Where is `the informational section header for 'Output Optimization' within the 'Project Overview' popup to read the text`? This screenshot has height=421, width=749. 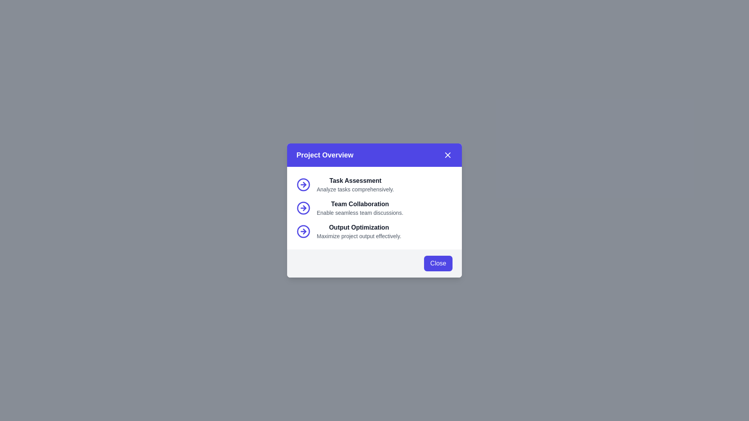 the informational section header for 'Output Optimization' within the 'Project Overview' popup to read the text is located at coordinates (359, 231).